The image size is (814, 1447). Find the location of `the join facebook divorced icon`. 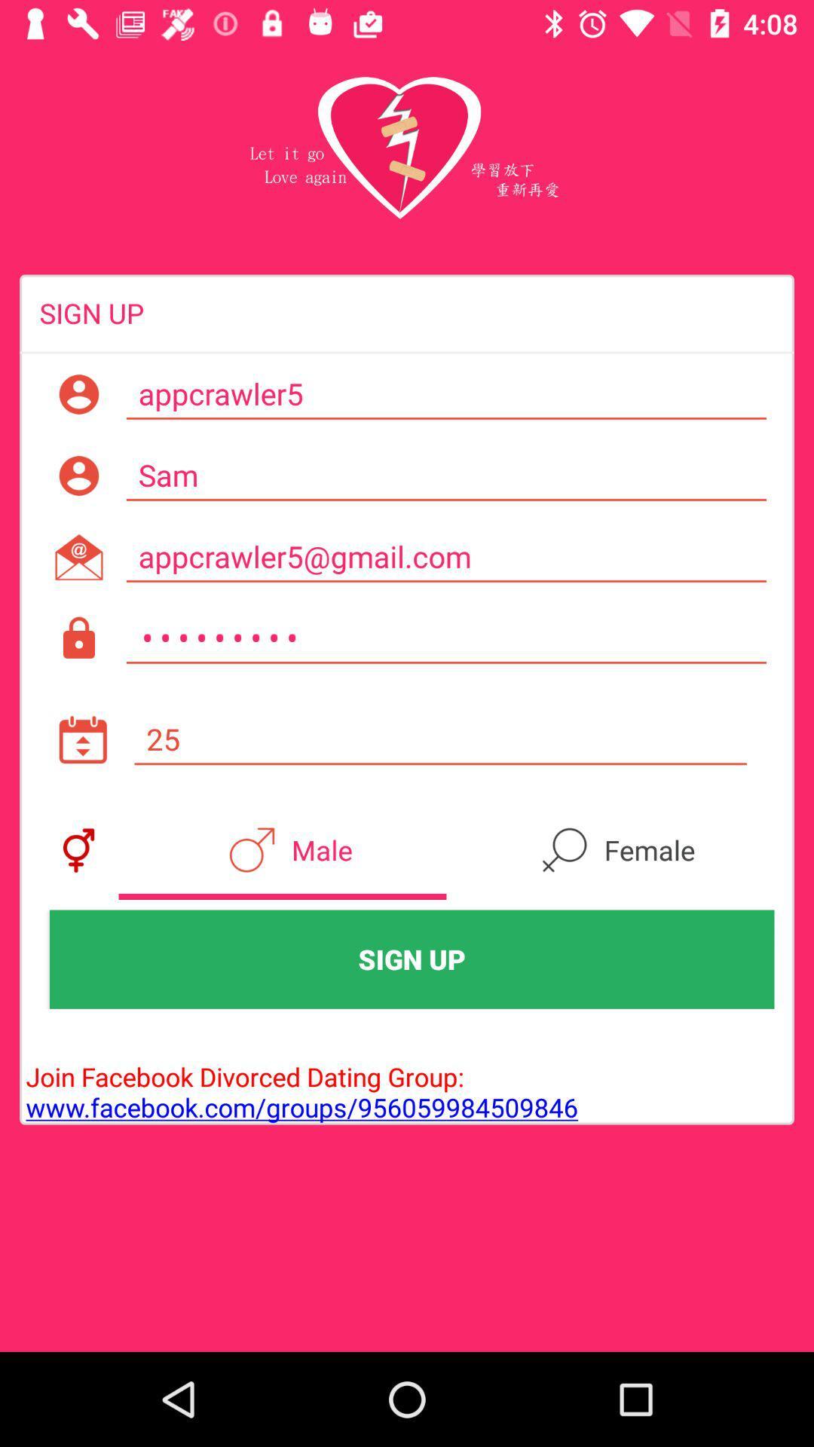

the join facebook divorced icon is located at coordinates (298, 1075).